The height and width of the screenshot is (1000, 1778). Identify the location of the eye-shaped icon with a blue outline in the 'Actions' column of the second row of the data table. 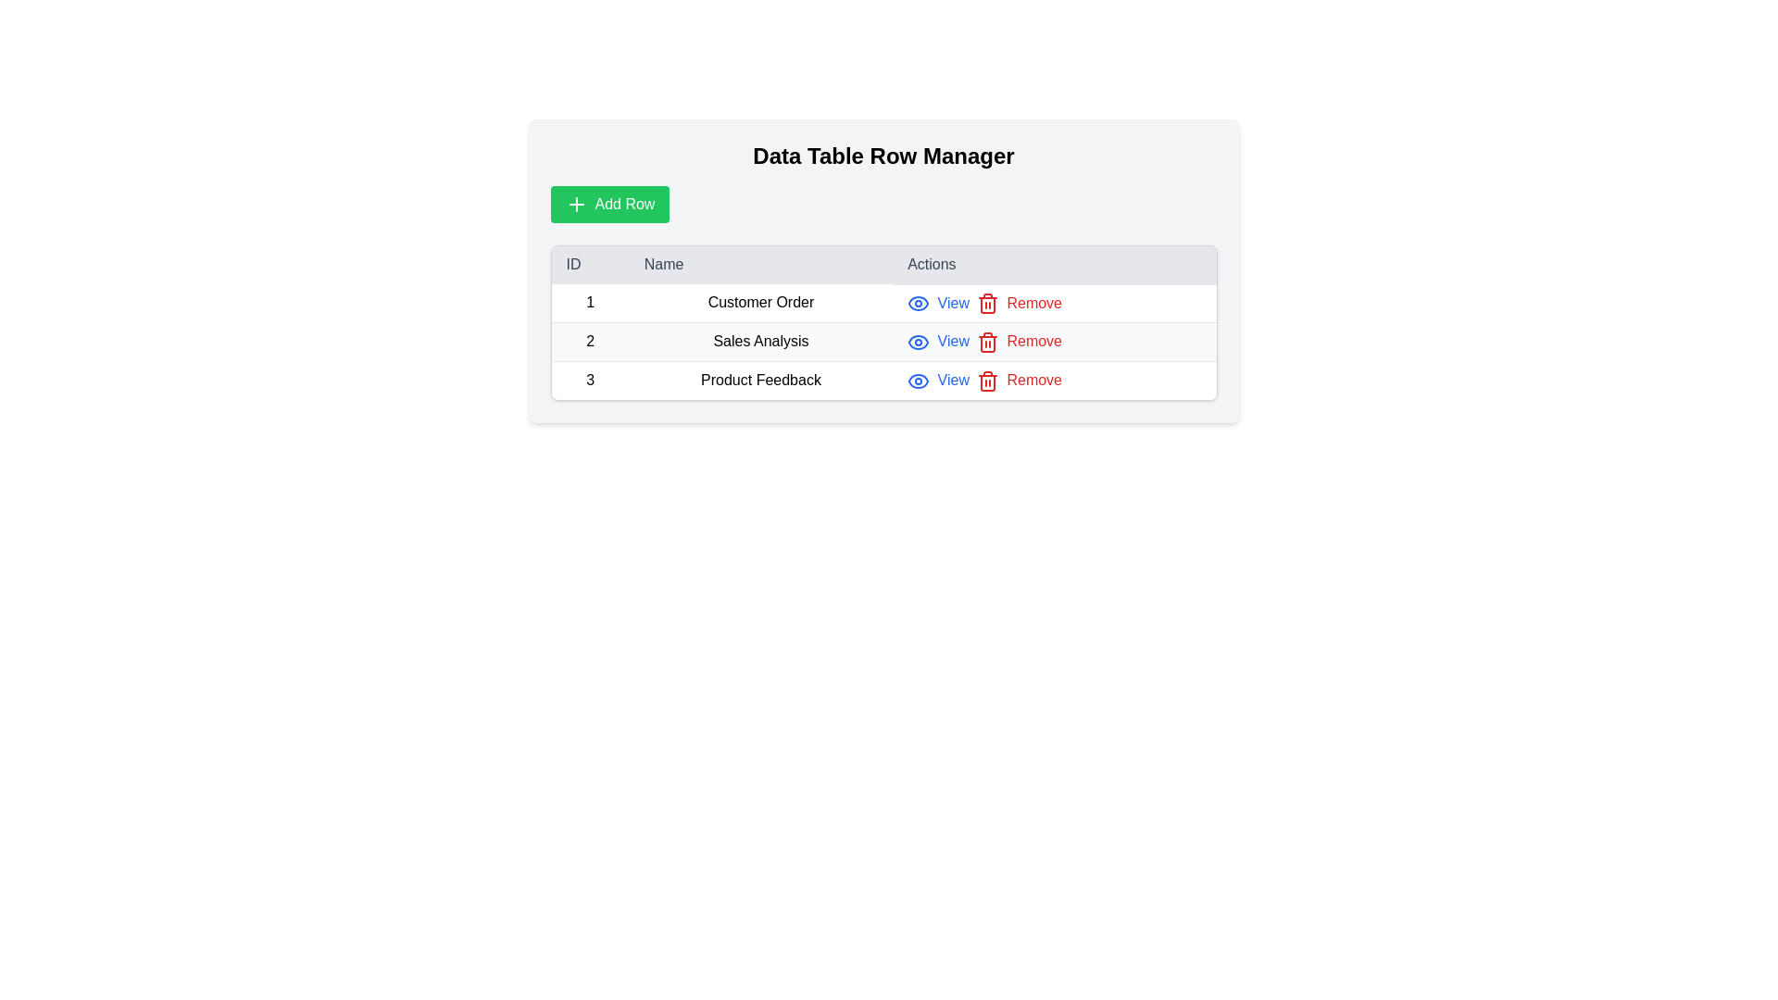
(919, 343).